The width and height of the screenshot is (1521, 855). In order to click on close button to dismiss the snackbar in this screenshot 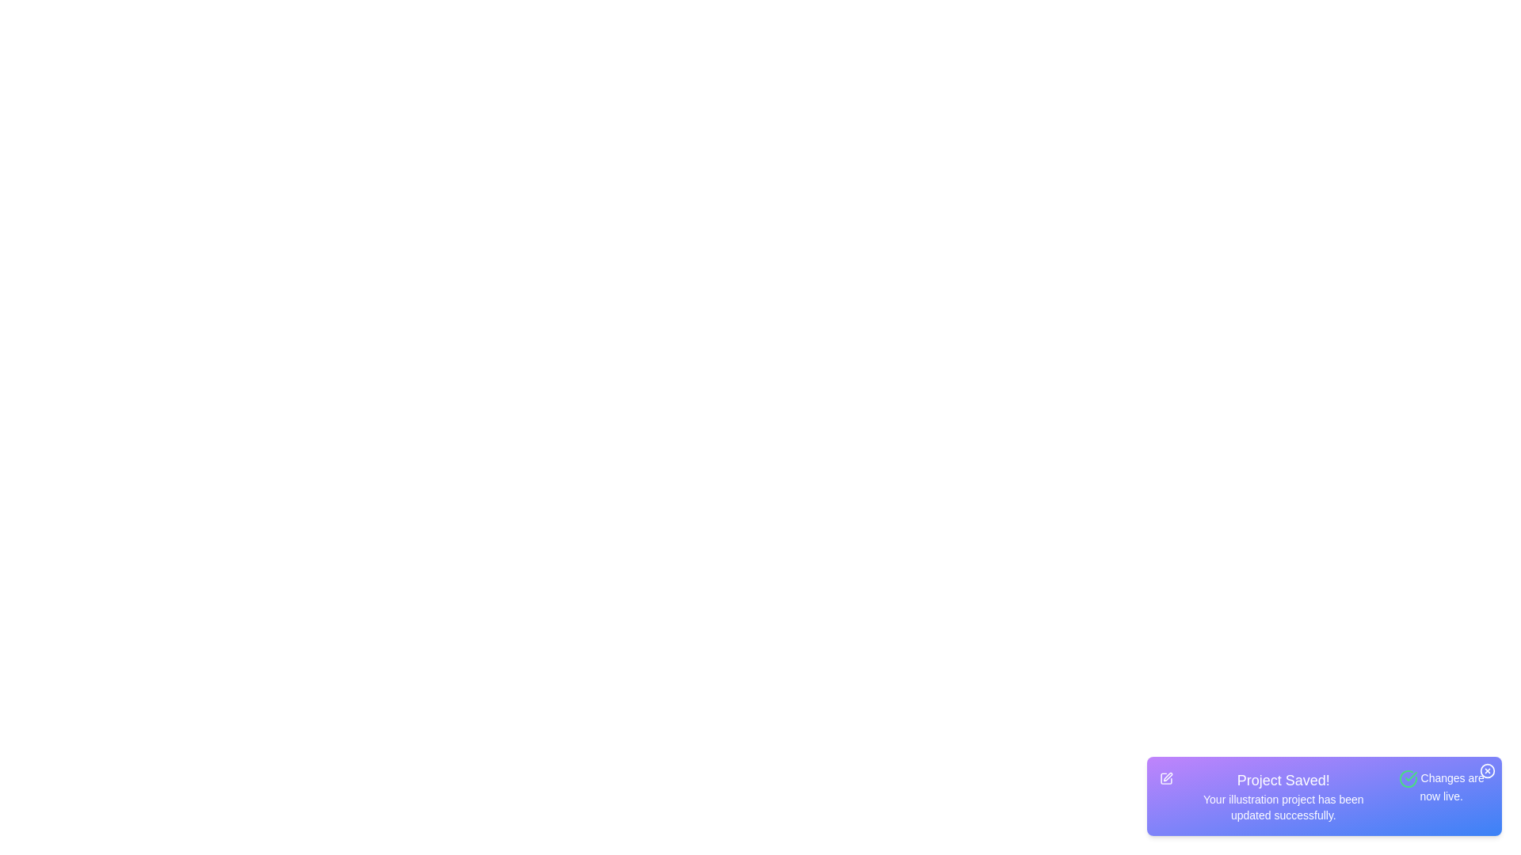, I will do `click(1486, 770)`.